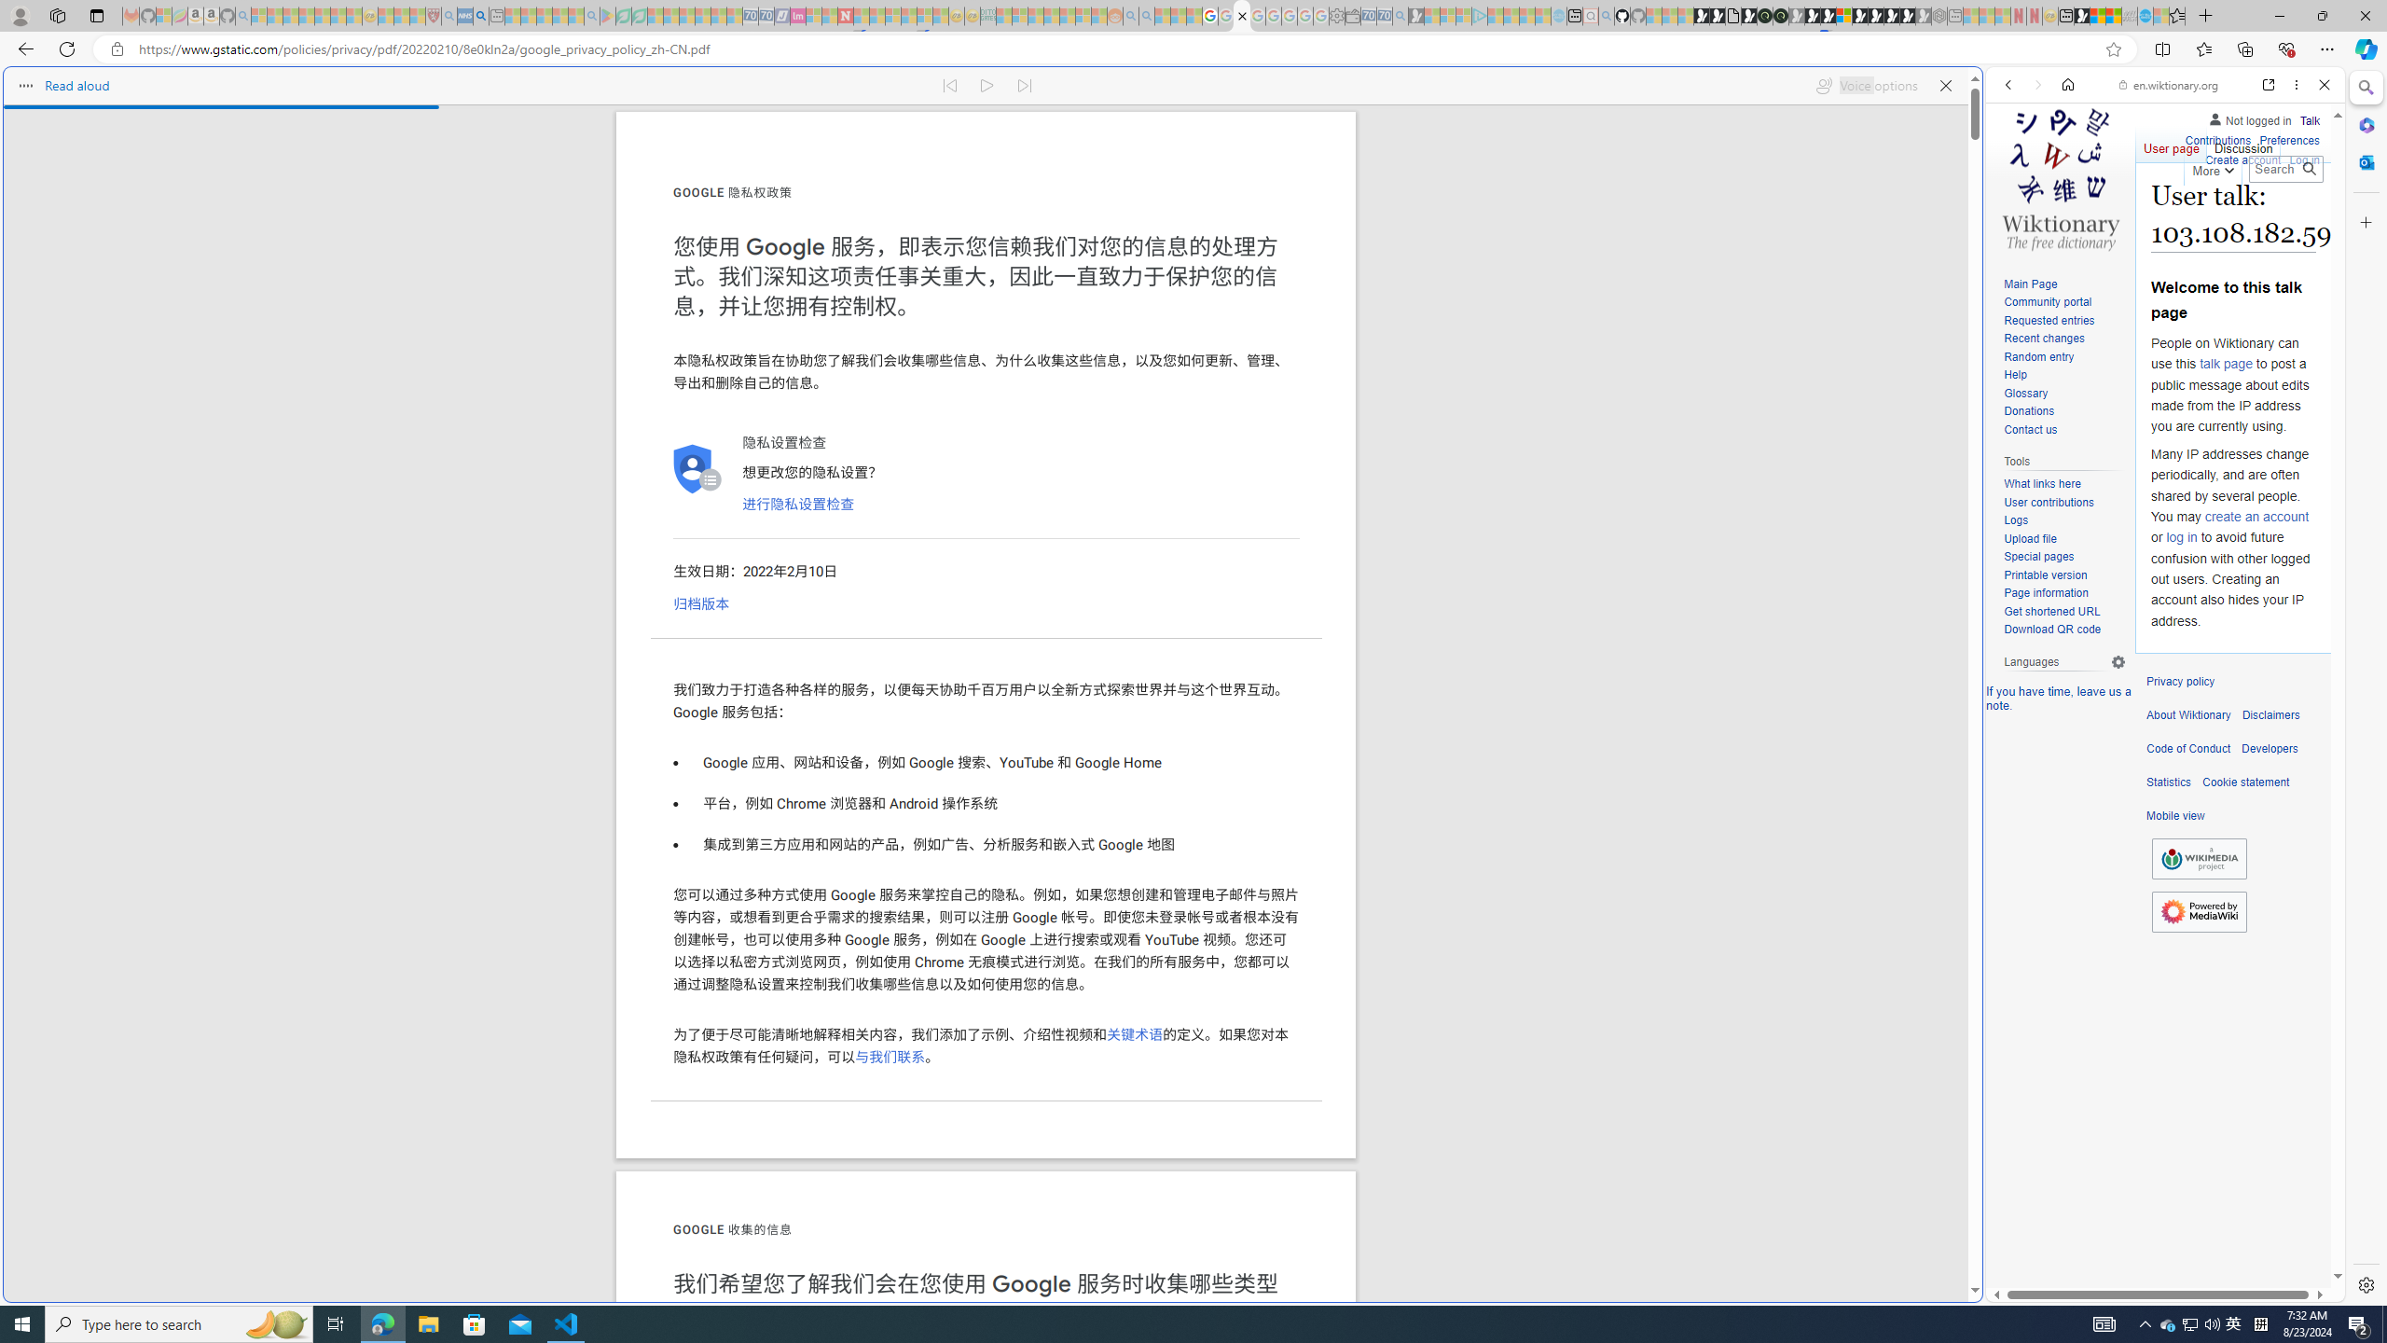 This screenshot has height=1343, width=2387. What do you see at coordinates (1813, 15) in the screenshot?
I see `'Play Cave FRVR in your browser | Games from Microsoft Start'` at bounding box center [1813, 15].